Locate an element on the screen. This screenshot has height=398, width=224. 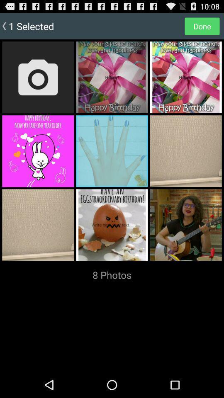
the app at the bottom is located at coordinates (112, 275).